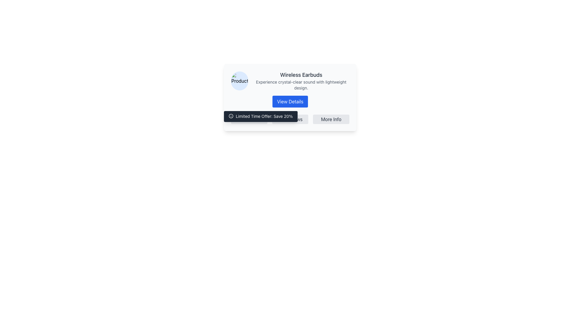  Describe the element at coordinates (240, 81) in the screenshot. I see `the small circular image element with a broken image icon and 'Product' text, located at the top-left corner of the card titled 'Wireless Earbuds'` at that location.